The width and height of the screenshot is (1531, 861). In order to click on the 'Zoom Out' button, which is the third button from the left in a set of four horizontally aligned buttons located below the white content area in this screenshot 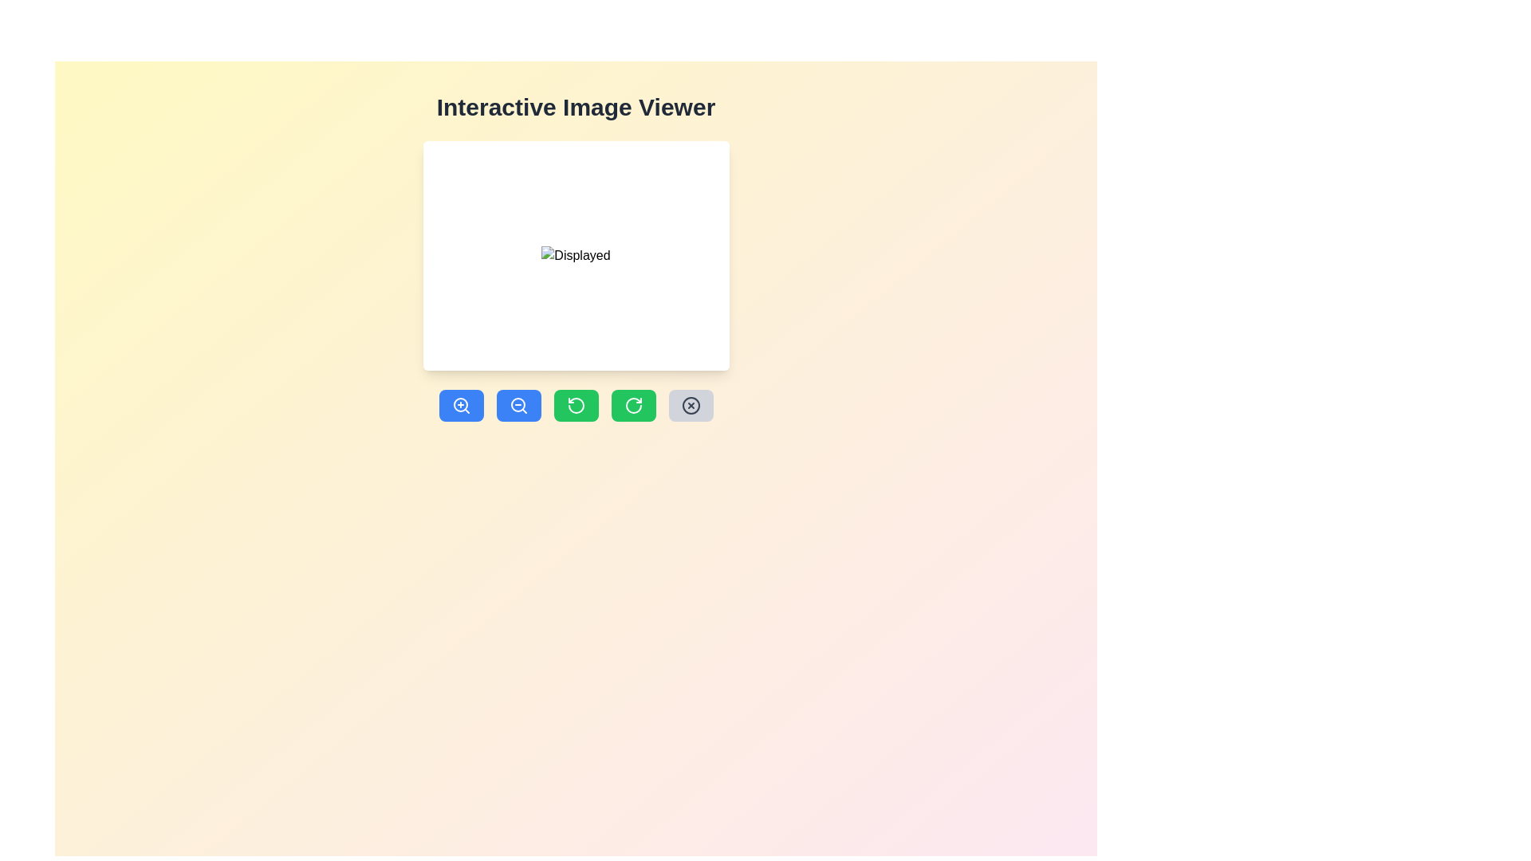, I will do `click(518, 405)`.